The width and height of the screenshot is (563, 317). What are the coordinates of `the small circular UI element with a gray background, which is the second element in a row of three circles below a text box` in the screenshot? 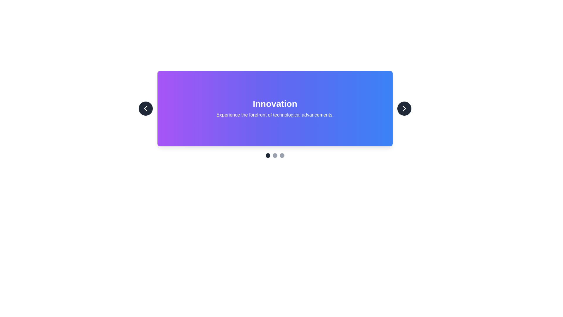 It's located at (274, 155).